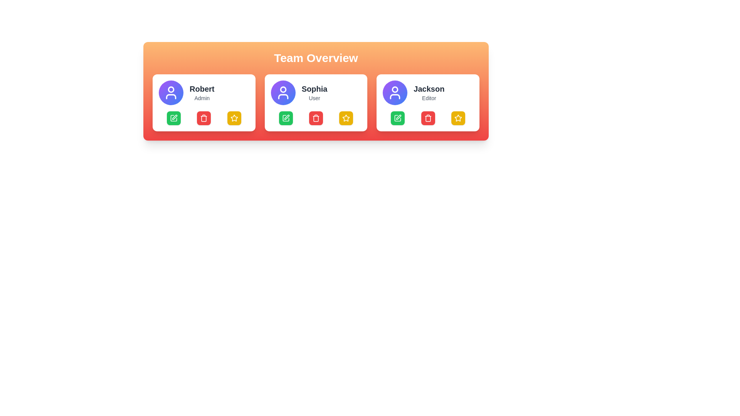  Describe the element at coordinates (234, 118) in the screenshot. I see `the yellow star-shaped icon button located in the bottom-right corner of the user card labeled 'Robert' in the 'Team Overview' section` at that location.